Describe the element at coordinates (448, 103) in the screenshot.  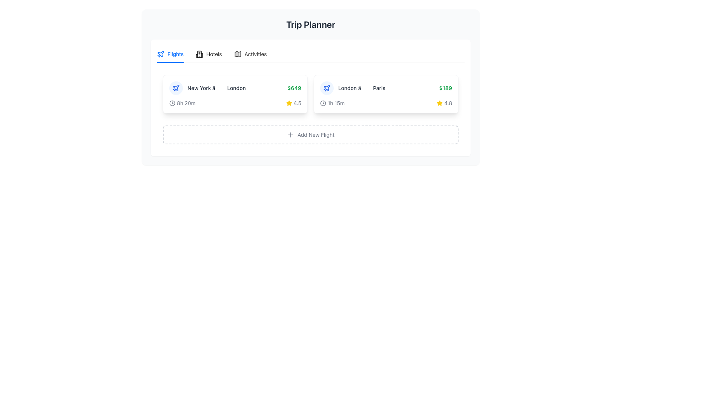
I see `the numerical rating text label, which is positioned to the right of the star icon on the second card in a horizontally aligned card layout` at that location.